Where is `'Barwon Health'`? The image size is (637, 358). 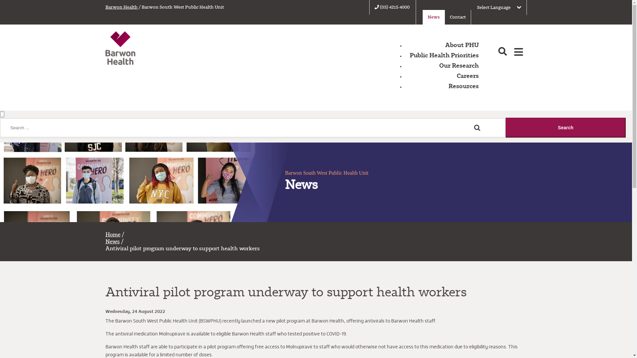 'Barwon Health' is located at coordinates (121, 7).